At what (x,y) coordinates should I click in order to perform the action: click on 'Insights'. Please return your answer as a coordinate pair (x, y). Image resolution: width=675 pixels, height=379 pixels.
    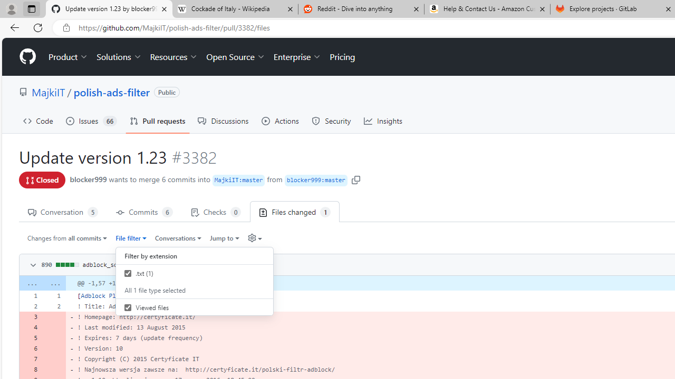
    Looking at the image, I should click on (383, 121).